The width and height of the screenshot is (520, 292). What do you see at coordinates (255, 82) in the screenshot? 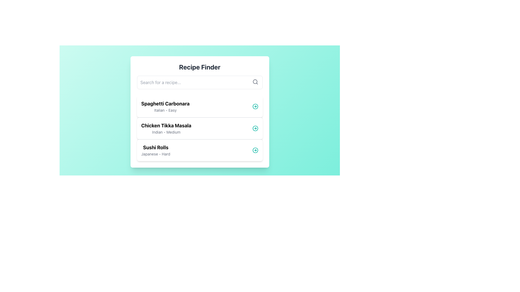
I see `the small circular UI component that resembles the lens of a magnifying glass, which is part of the search icon located in the top-right corner of the input field labeled 'Search for a recipe...'` at bounding box center [255, 82].